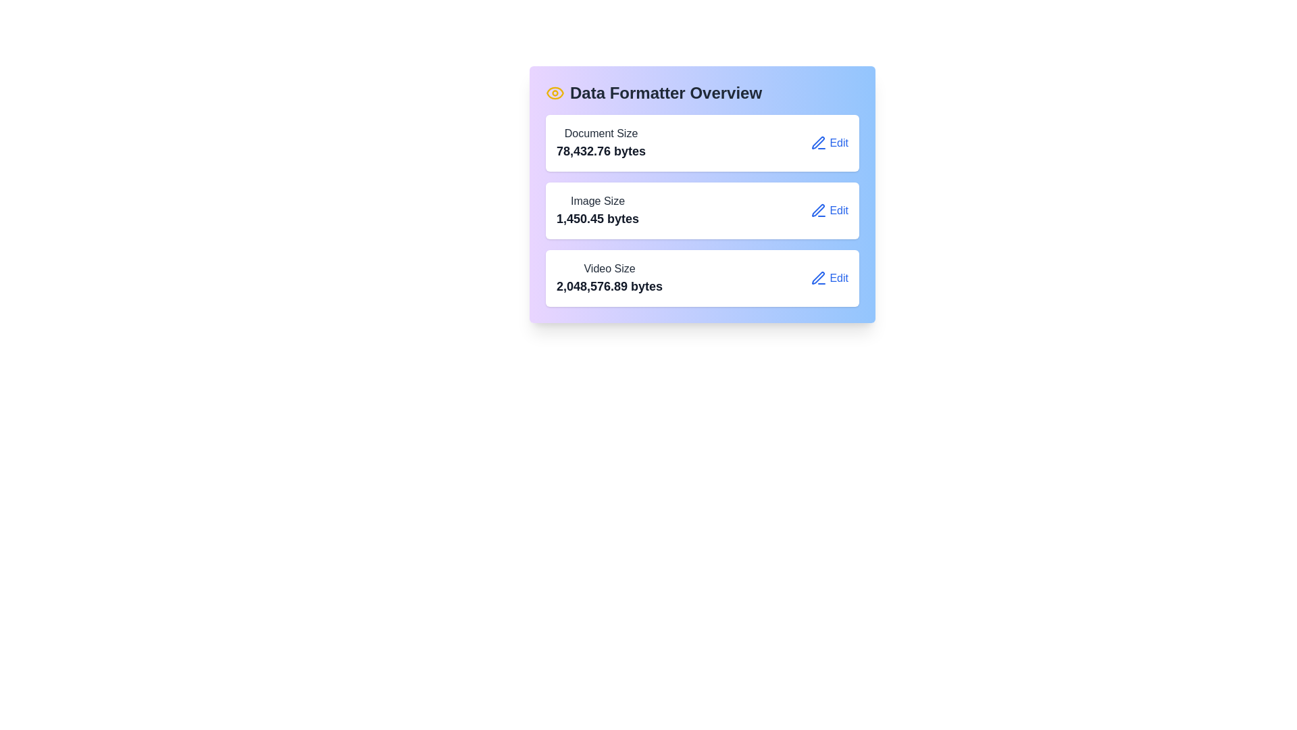  Describe the element at coordinates (703, 93) in the screenshot. I see `the heading element titled 'Data Formatter Overview' which is styled with bold and large fonts and has a yellow eye icon adjacent to it` at that location.